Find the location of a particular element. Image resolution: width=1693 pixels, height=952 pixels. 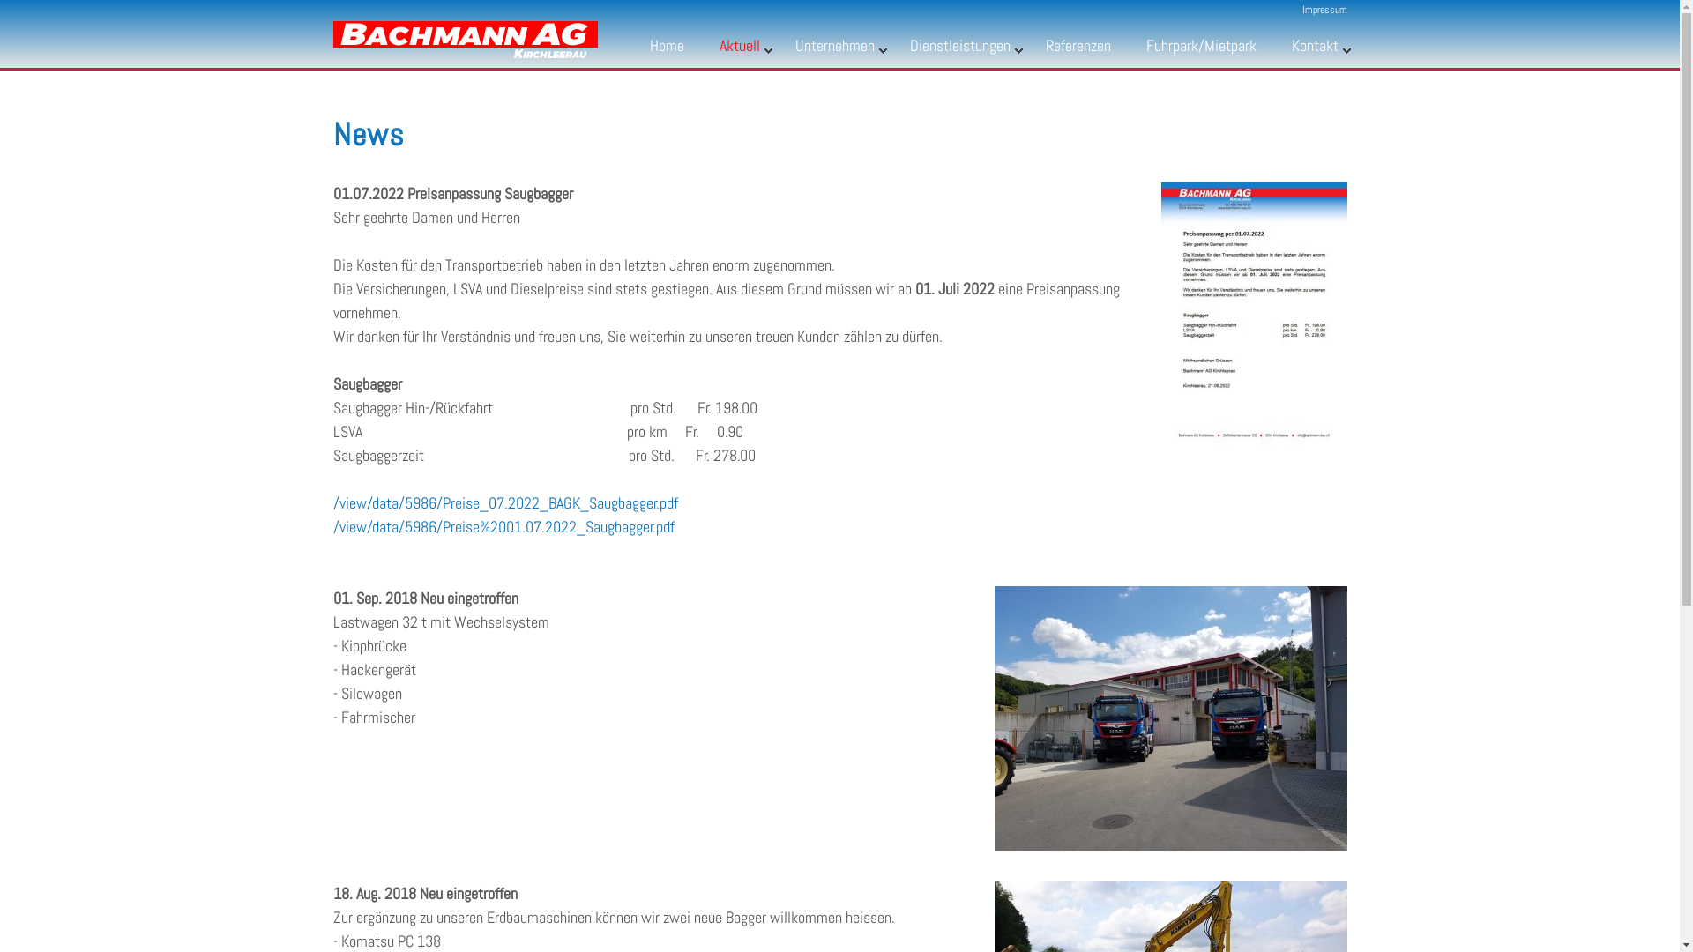

'Impressum' is located at coordinates (1324, 10).